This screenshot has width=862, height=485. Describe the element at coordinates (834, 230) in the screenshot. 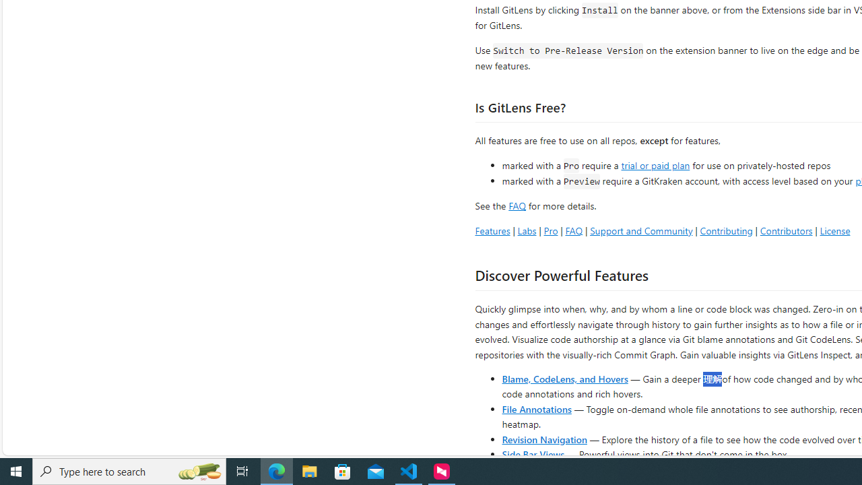

I see `'License'` at that location.